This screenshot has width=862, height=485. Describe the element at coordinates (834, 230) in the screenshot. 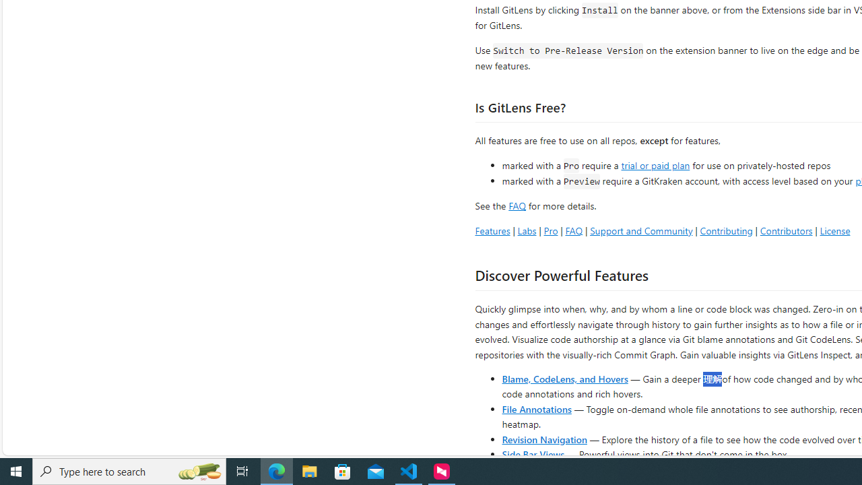

I see `'License'` at that location.